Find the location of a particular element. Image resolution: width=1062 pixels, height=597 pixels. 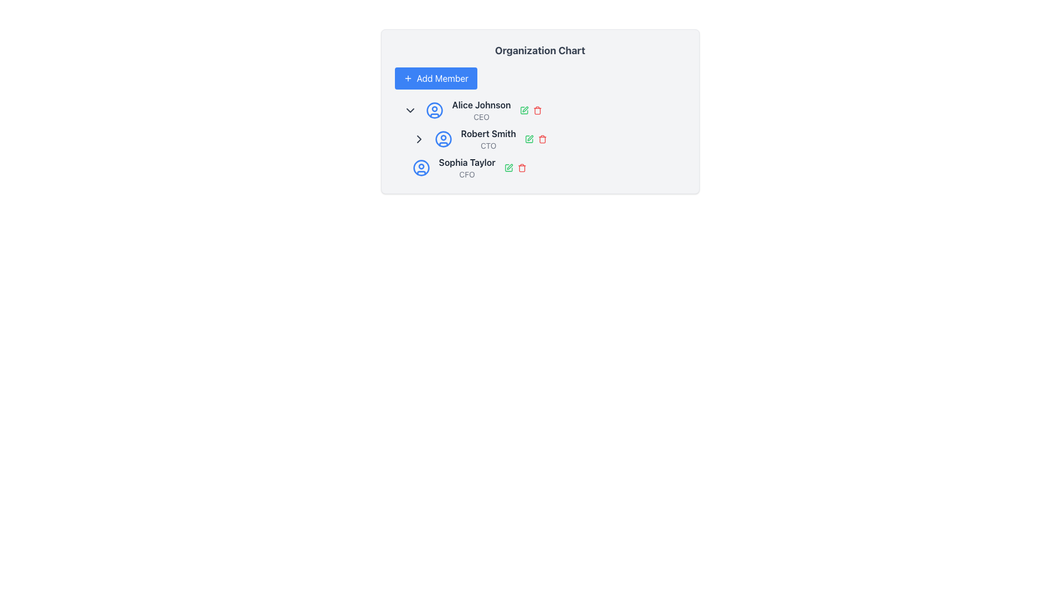

the delete icon located in the list of organization members is located at coordinates (540, 138).